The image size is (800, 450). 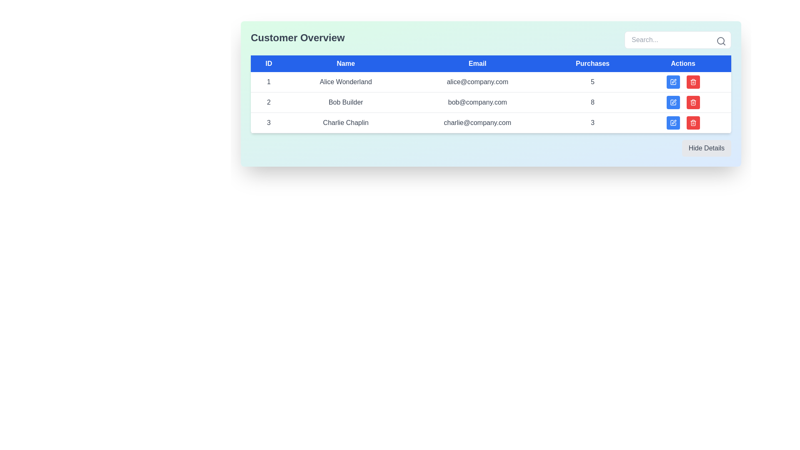 I want to click on the static text displaying the name of an individual located in the second row of the tabular layout under the 'Name' column, positioned between the 'ID' and 'Email' columns, so click(x=346, y=102).